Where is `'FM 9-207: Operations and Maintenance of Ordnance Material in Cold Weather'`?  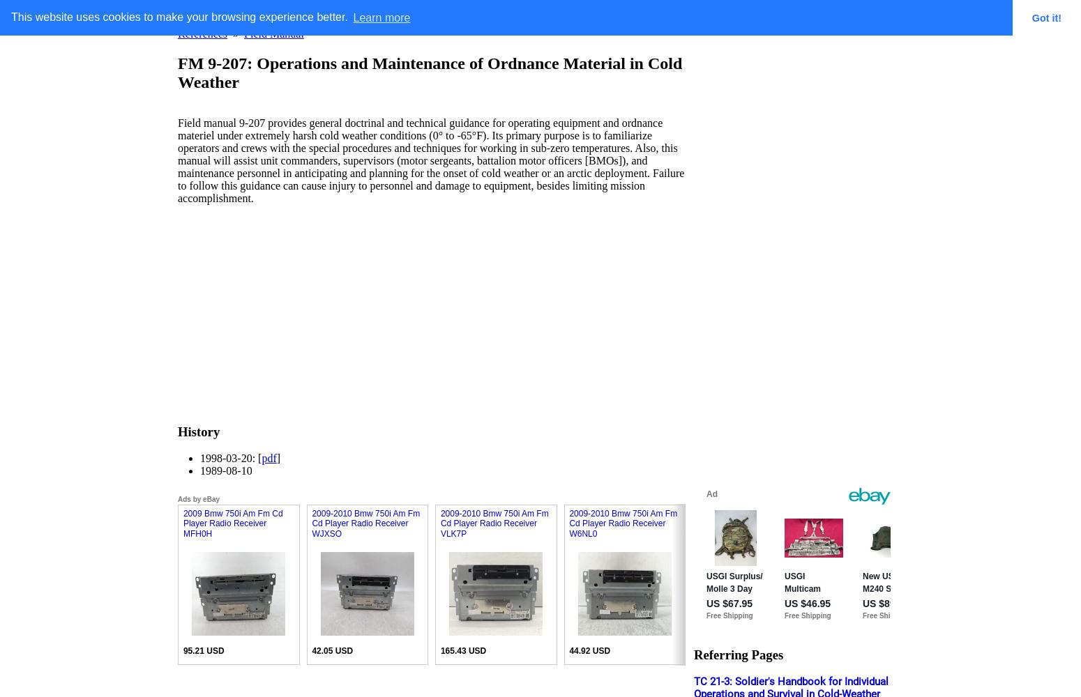
'FM 9-207: Operations and Maintenance of Ordnance Material in Cold Weather' is located at coordinates (430, 71).